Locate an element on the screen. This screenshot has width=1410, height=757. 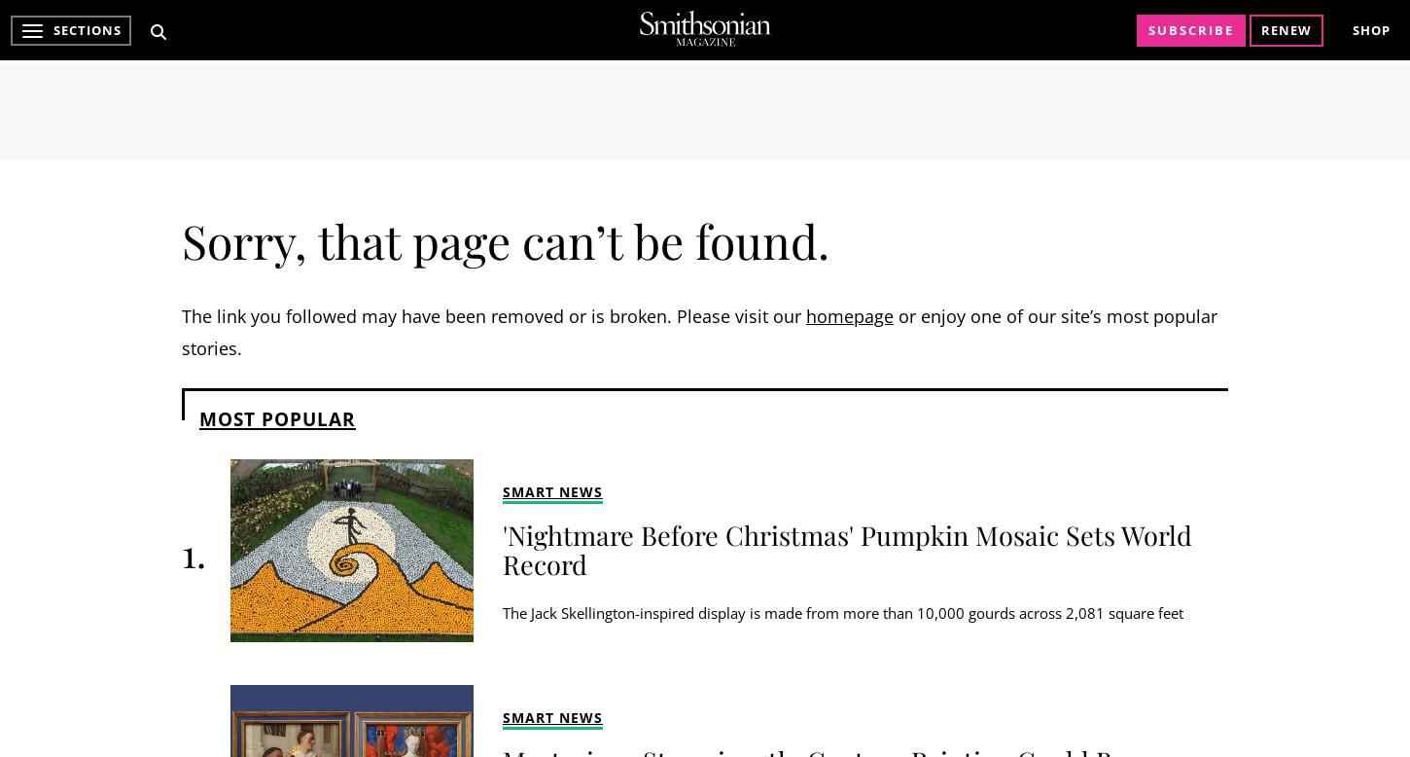
'Renew' is located at coordinates (1261, 29).